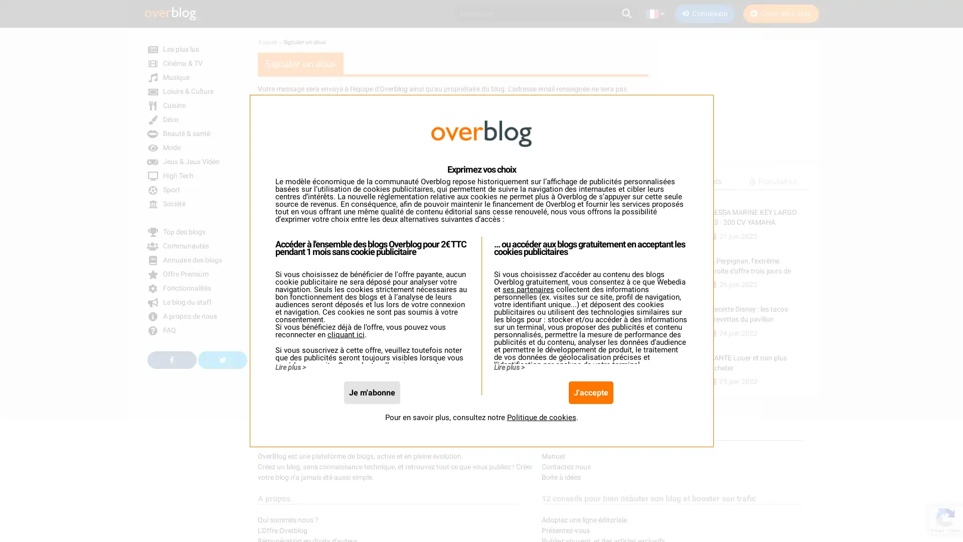 The width and height of the screenshot is (963, 542). I want to click on envoyer, so click(277, 351).